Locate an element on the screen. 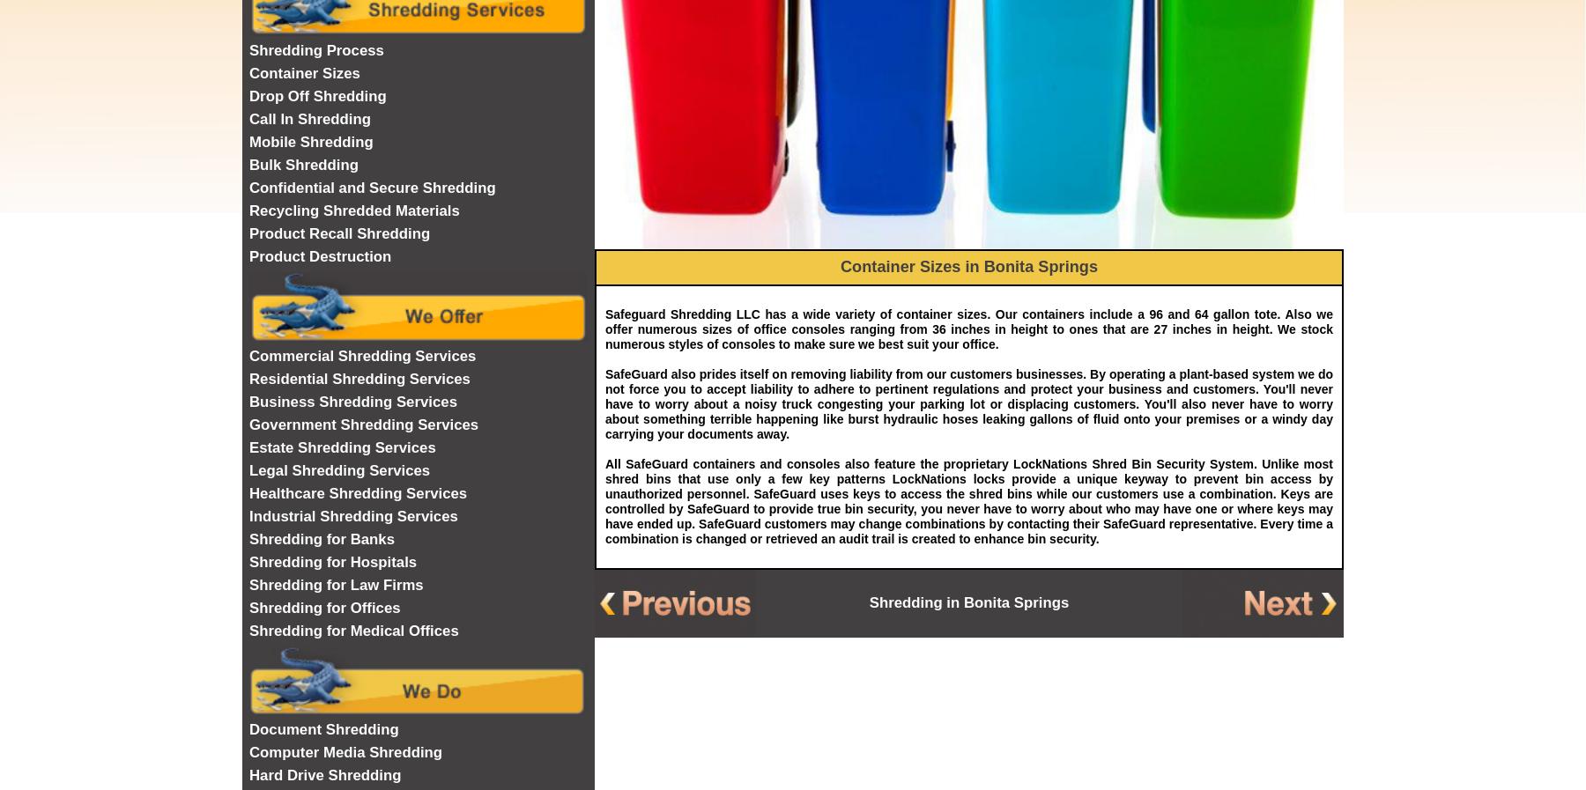  'Shredding for Banks' is located at coordinates (322, 538).